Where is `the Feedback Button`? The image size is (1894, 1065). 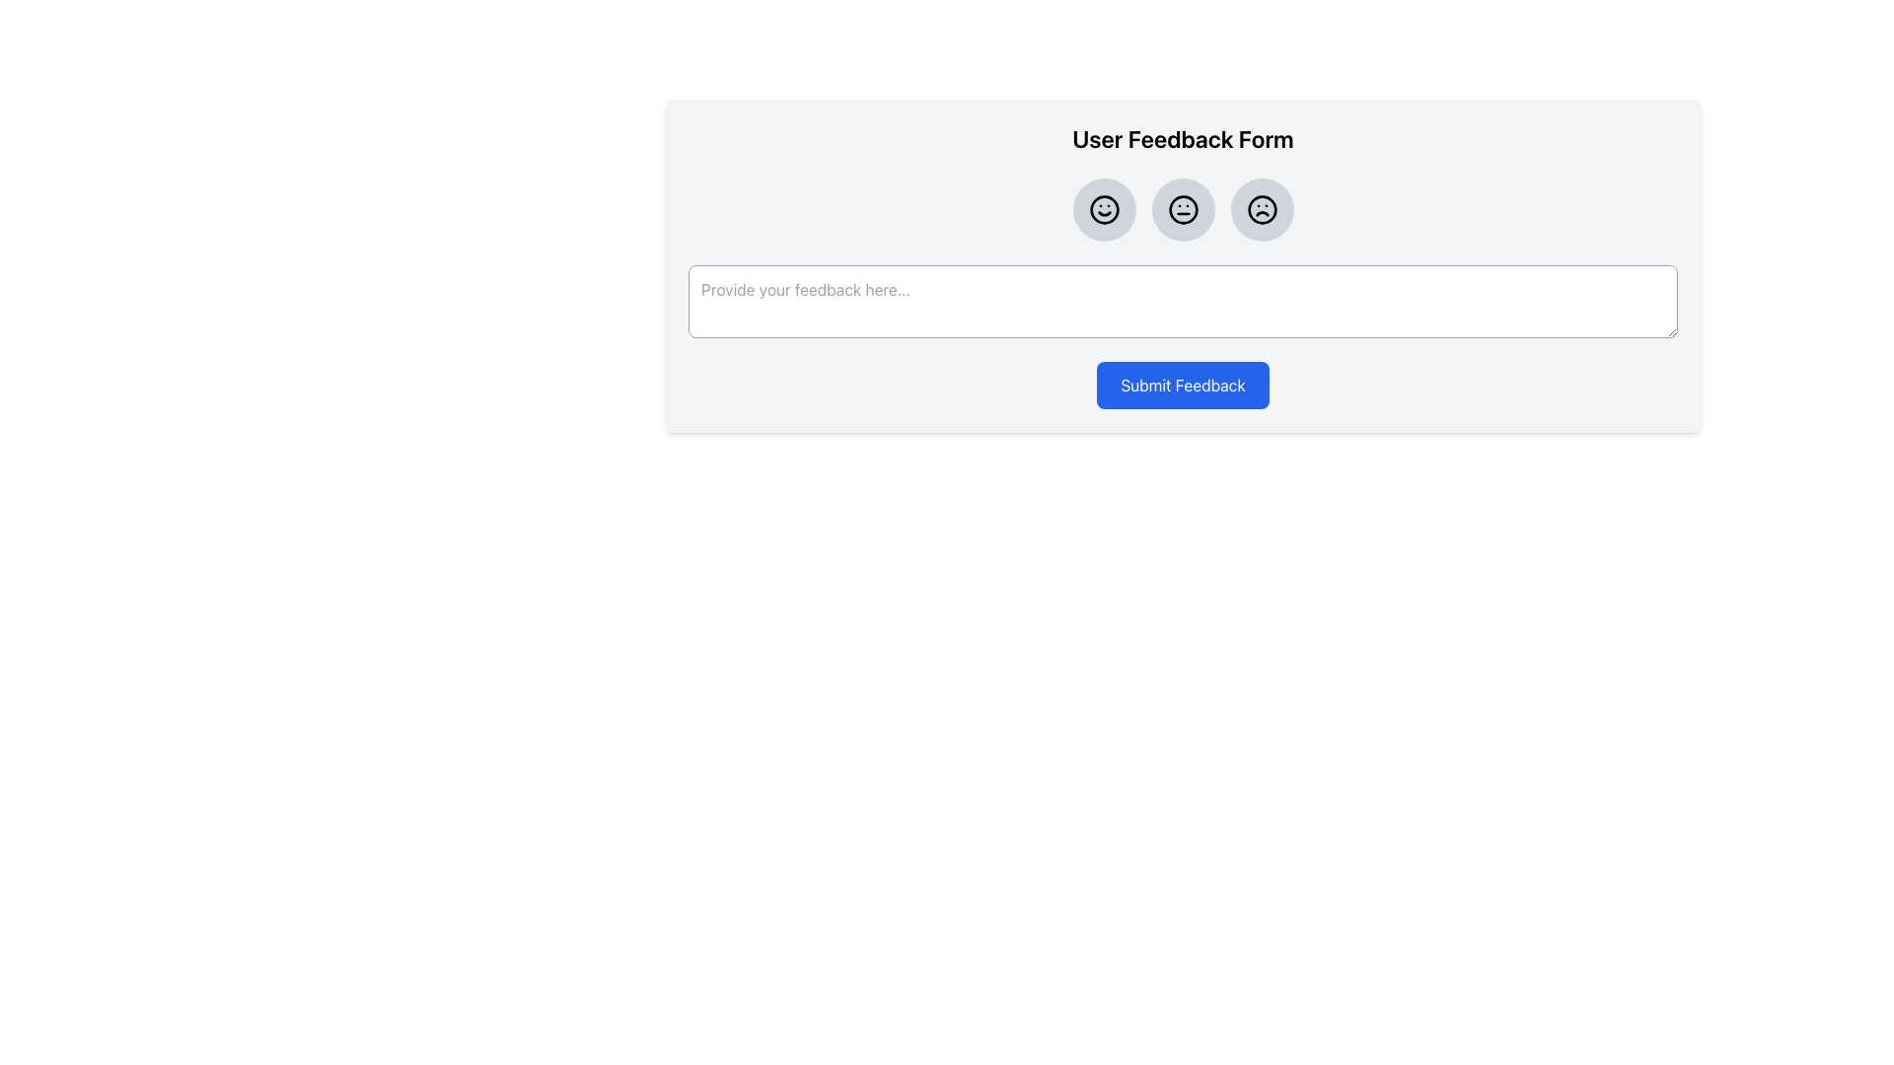 the Feedback Button is located at coordinates (1103, 209).